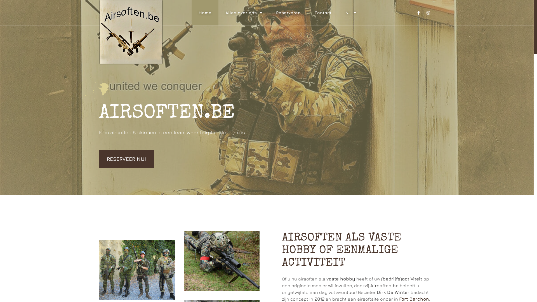  Describe the element at coordinates (126, 159) in the screenshot. I see `'RESERVEER NU!'` at that location.